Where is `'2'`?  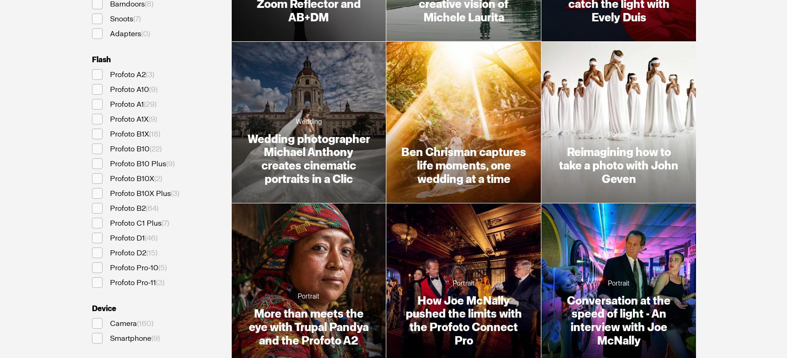
'2' is located at coordinates (157, 178).